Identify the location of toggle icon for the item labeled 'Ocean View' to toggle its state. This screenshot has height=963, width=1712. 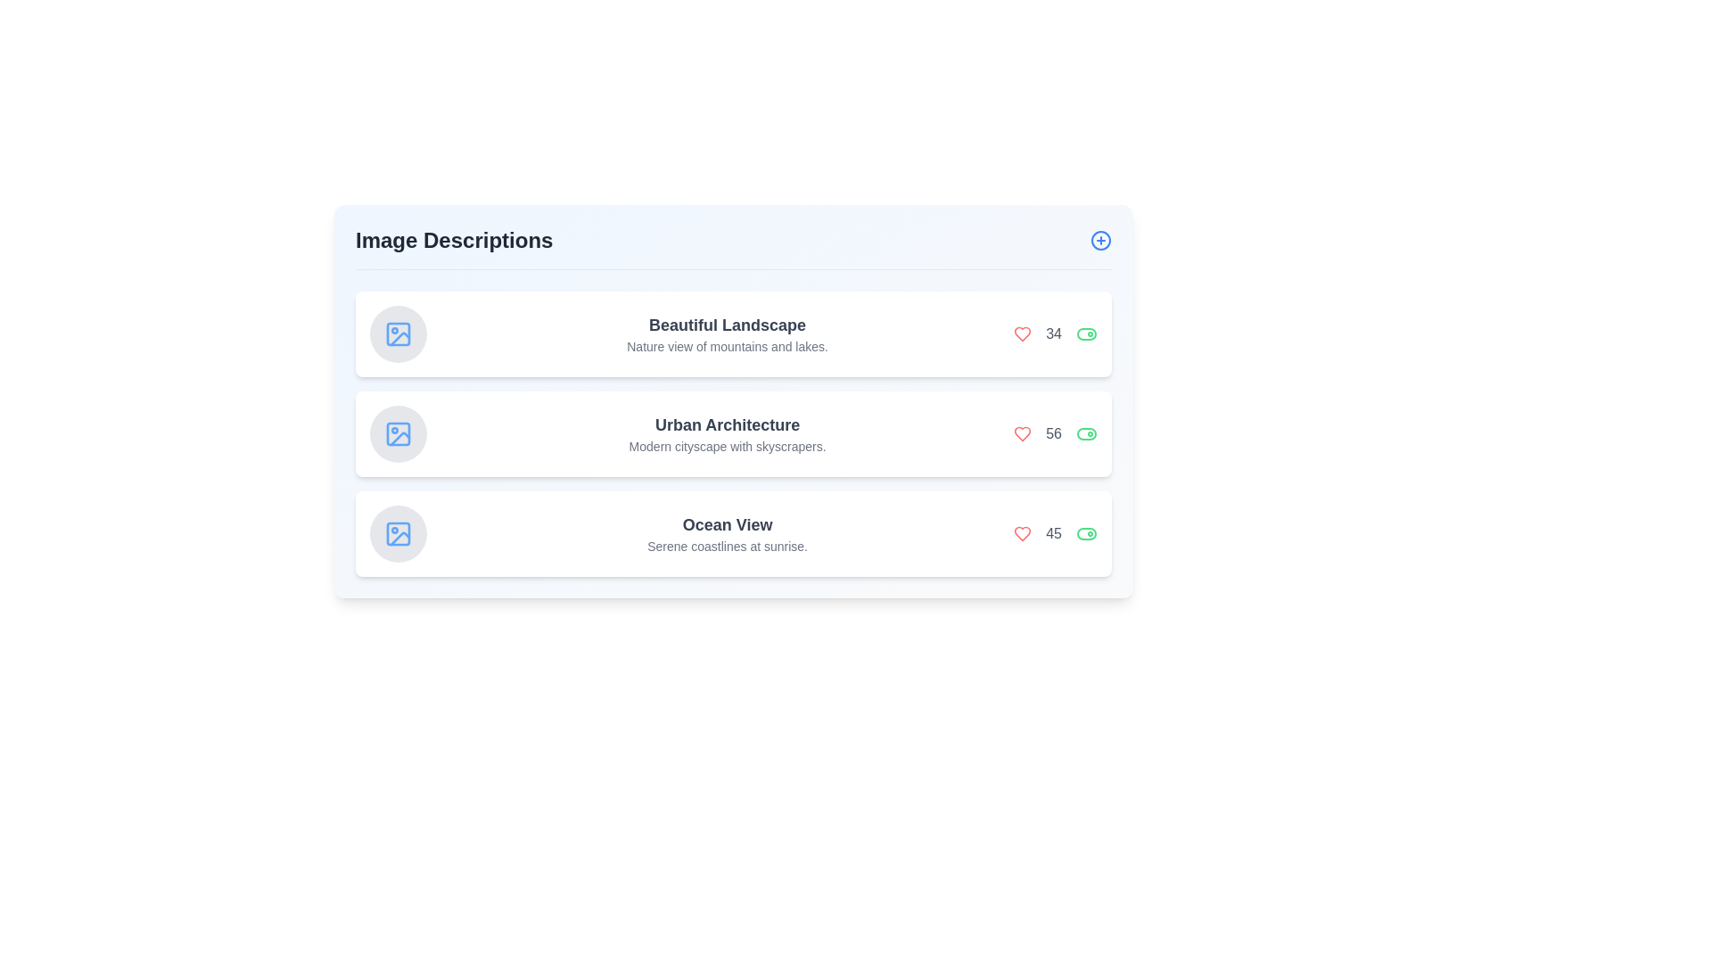
(1086, 532).